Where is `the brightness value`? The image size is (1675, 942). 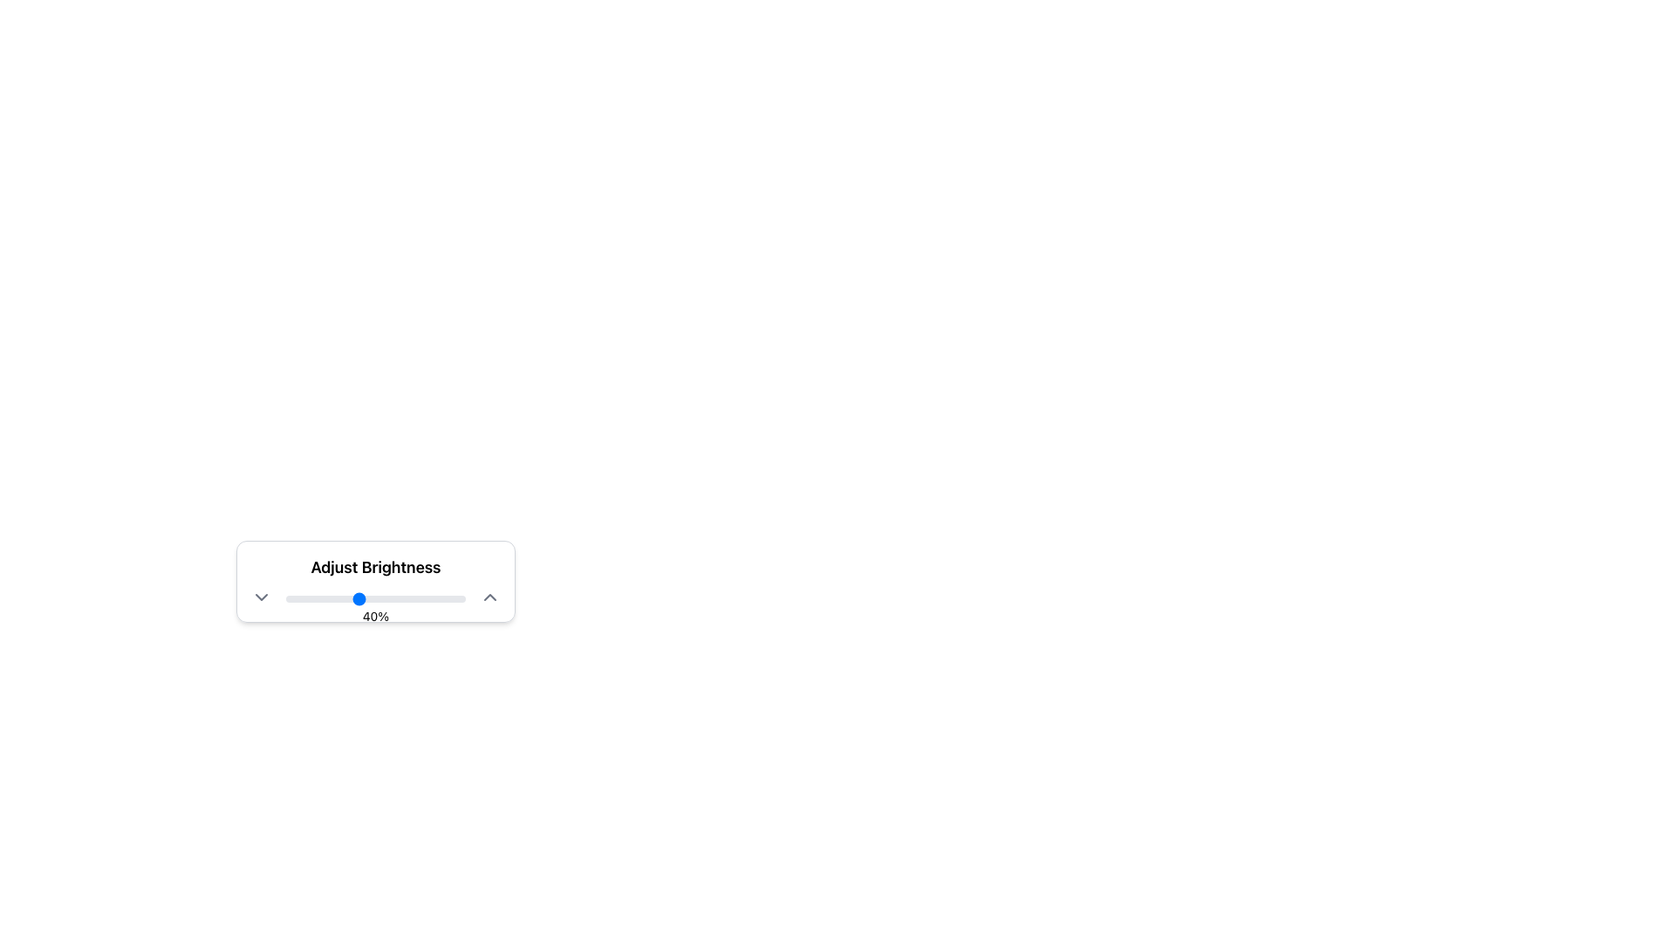 the brightness value is located at coordinates (460, 597).